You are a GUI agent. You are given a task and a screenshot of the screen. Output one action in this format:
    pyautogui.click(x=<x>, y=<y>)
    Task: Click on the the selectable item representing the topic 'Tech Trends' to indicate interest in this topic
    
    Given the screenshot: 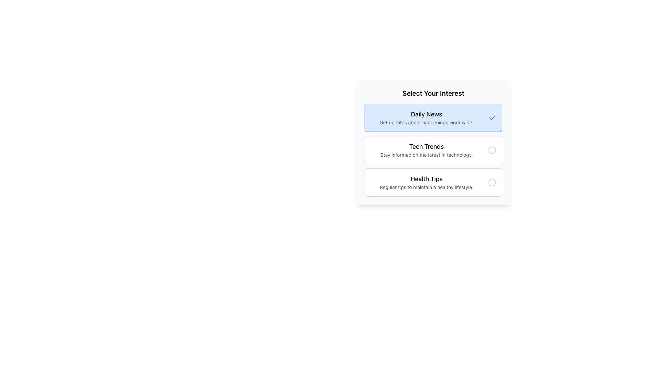 What is the action you would take?
    pyautogui.click(x=433, y=142)
    